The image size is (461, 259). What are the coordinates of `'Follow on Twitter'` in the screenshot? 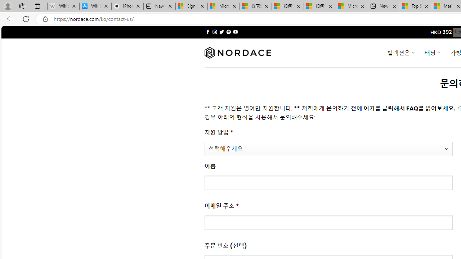 It's located at (221, 32).